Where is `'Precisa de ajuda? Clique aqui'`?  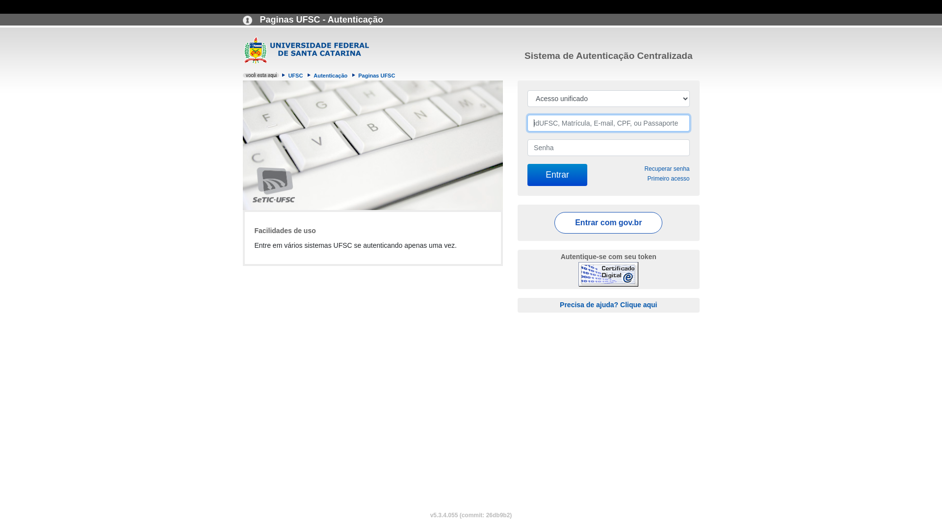
'Precisa de ajuda? Clique aqui' is located at coordinates (607, 304).